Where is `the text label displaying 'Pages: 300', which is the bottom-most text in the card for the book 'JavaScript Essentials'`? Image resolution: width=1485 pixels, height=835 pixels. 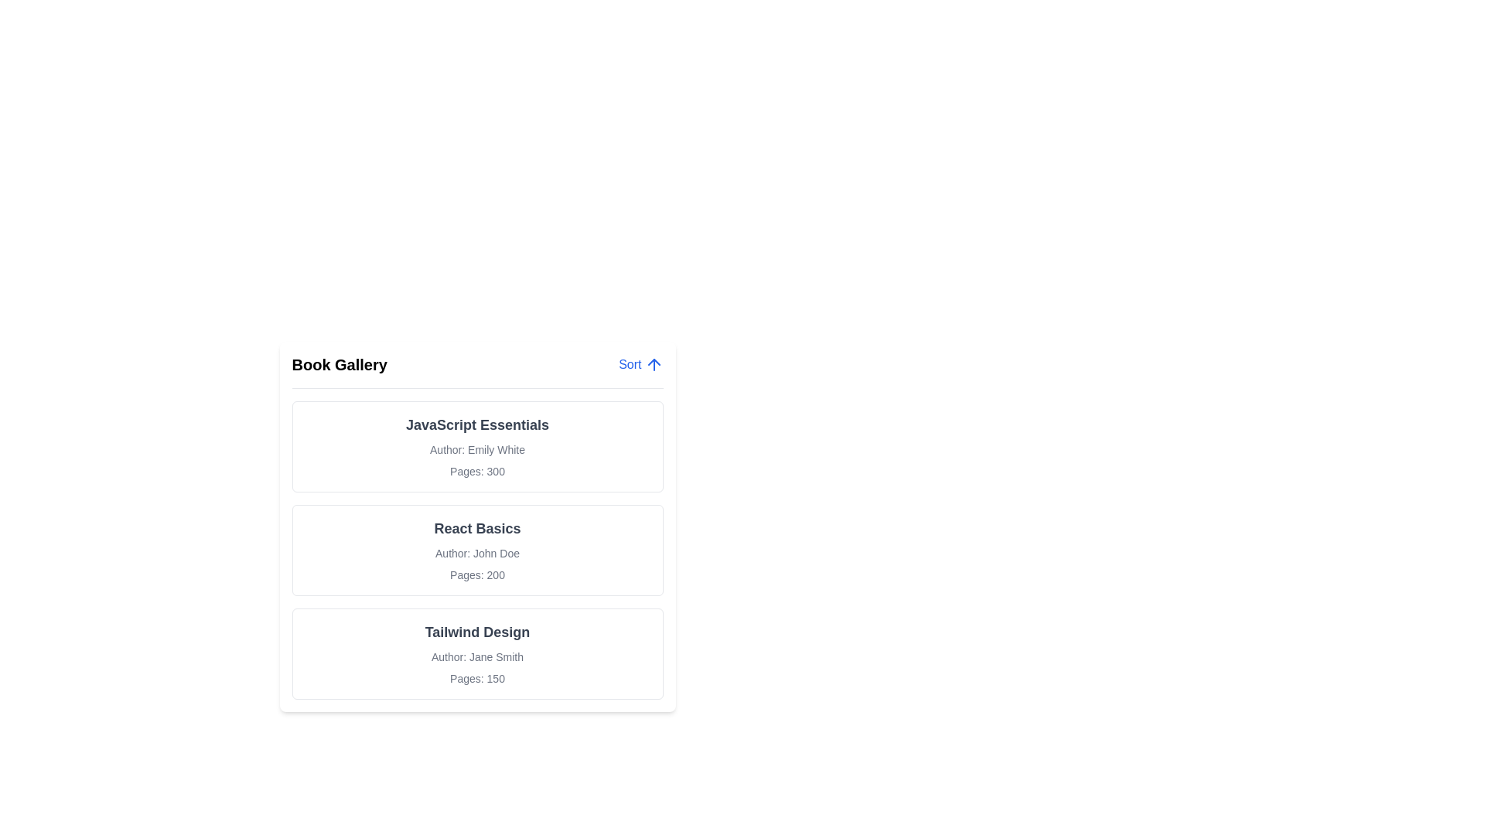 the text label displaying 'Pages: 300', which is the bottom-most text in the card for the book 'JavaScript Essentials' is located at coordinates (476, 470).